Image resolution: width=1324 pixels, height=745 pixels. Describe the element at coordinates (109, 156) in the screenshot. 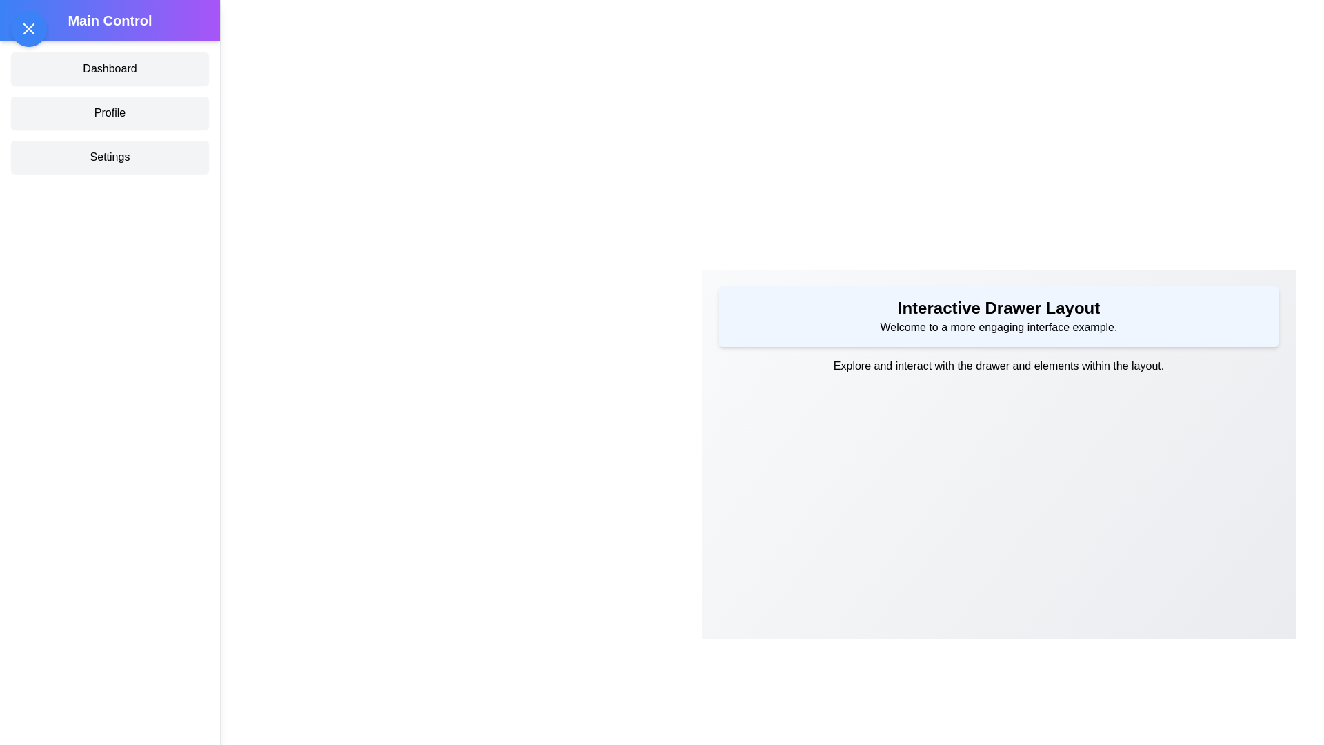

I see `the menu option Settings from the drawer` at that location.